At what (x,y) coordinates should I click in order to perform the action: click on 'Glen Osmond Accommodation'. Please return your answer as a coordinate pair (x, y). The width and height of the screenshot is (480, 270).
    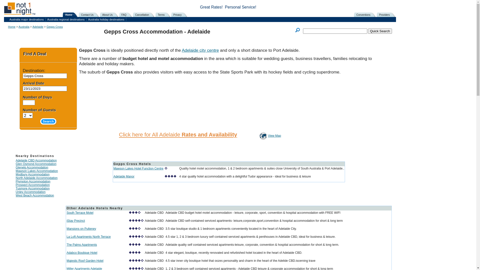
    Looking at the image, I should click on (36, 164).